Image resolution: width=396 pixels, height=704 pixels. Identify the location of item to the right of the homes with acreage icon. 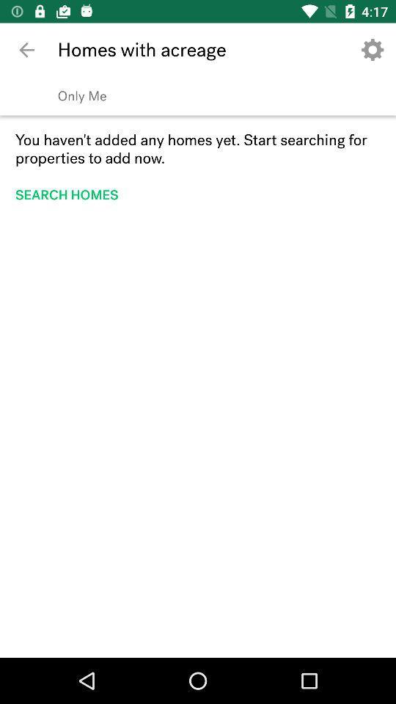
(373, 50).